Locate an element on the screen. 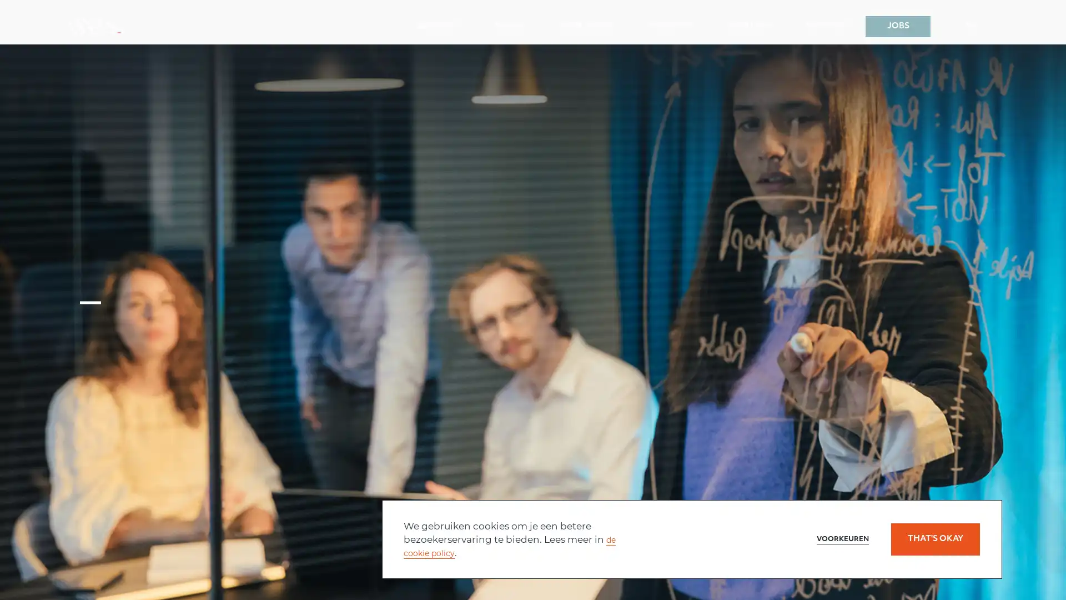 Image resolution: width=1066 pixels, height=600 pixels. VOORKEUREN is located at coordinates (833, 538).